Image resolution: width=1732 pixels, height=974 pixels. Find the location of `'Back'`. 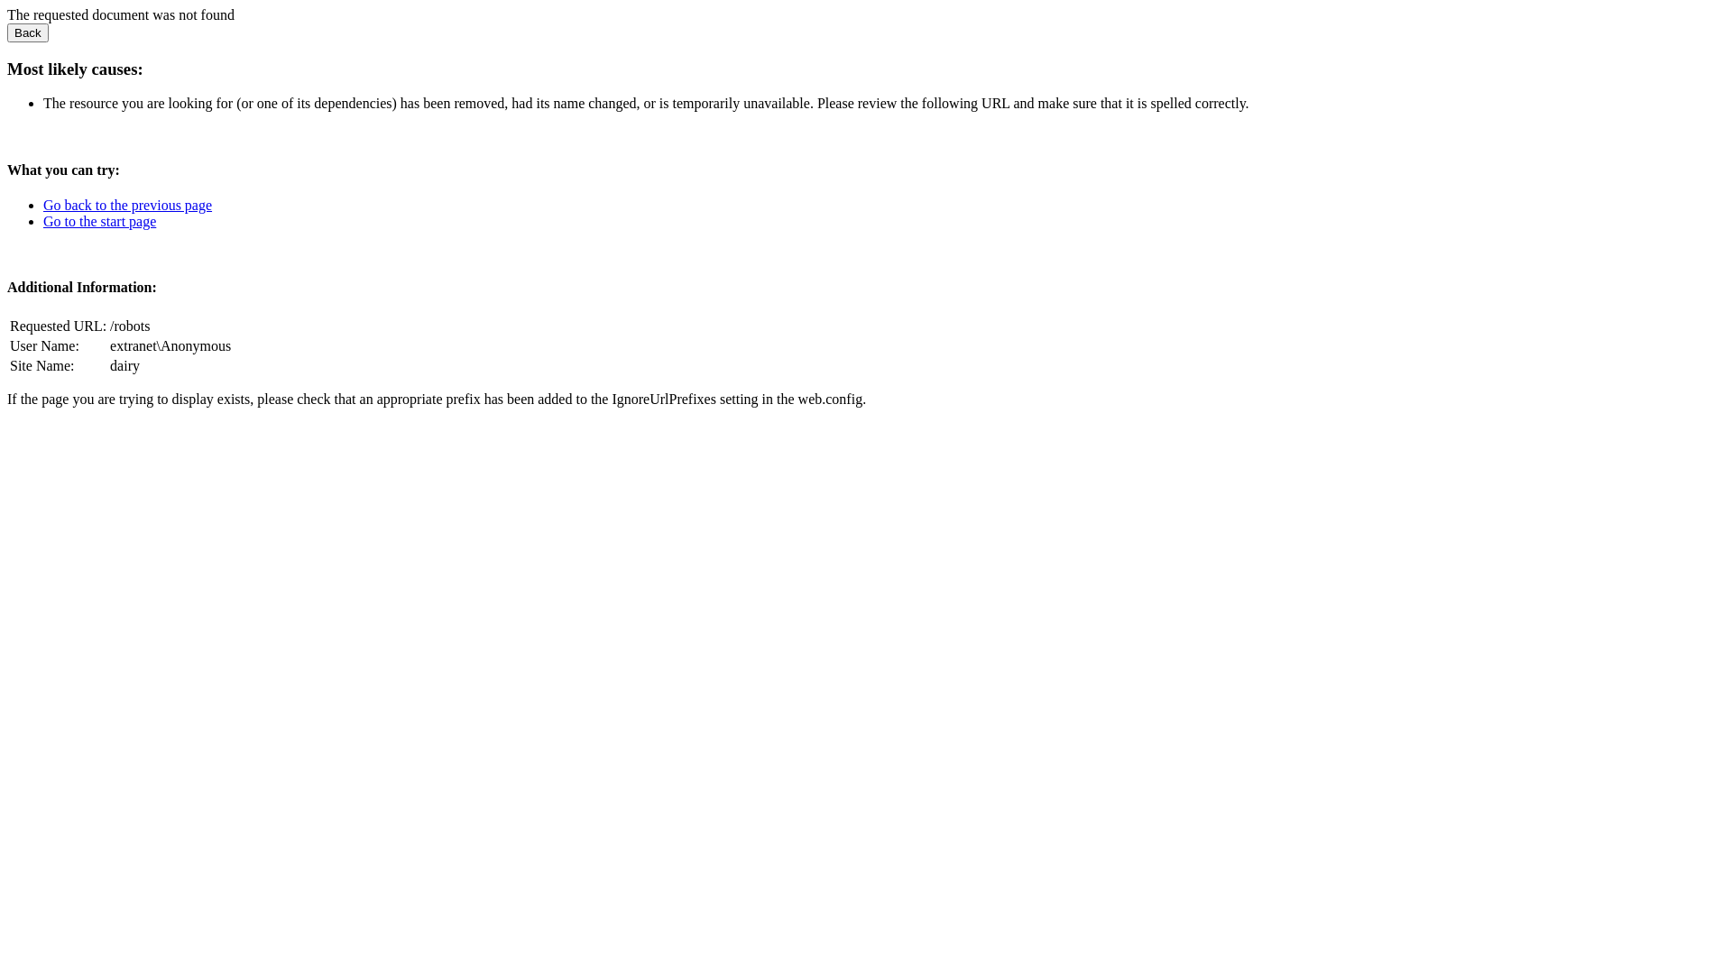

'Back' is located at coordinates (27, 32).